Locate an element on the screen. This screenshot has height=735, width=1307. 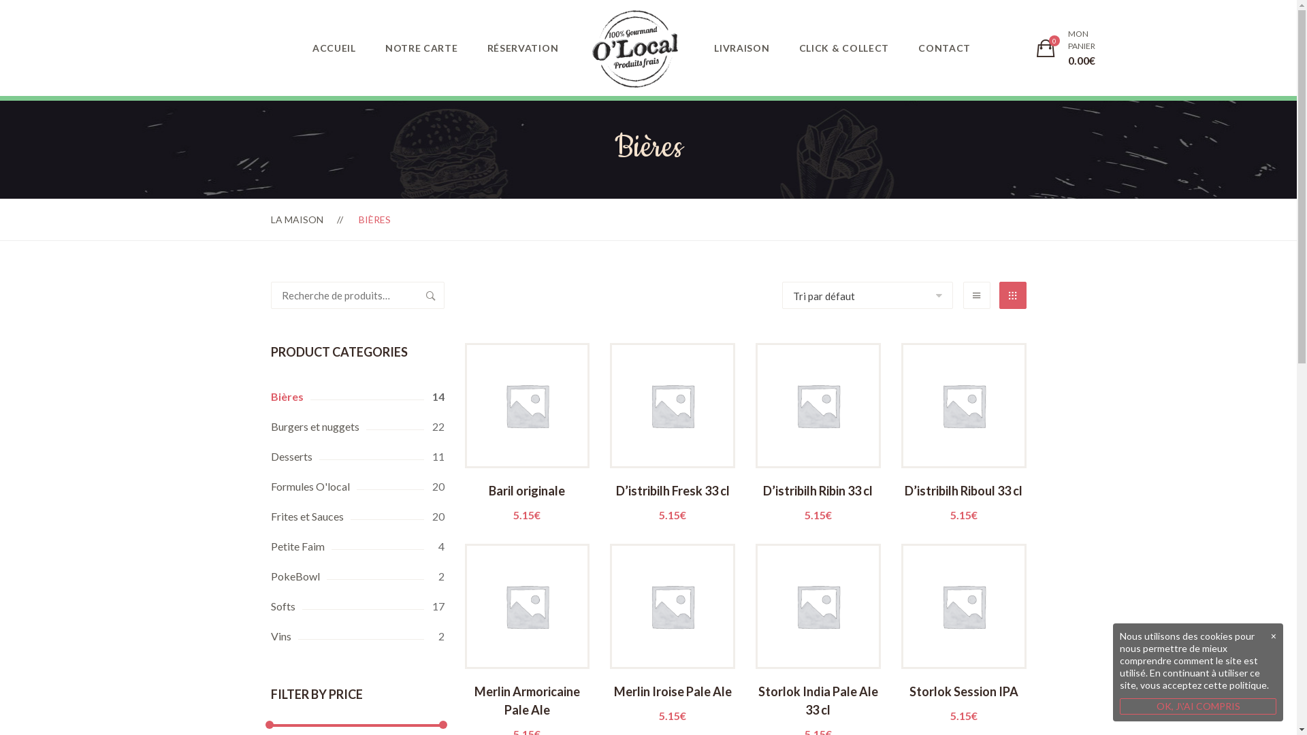
'Desserts' is located at coordinates (357, 457).